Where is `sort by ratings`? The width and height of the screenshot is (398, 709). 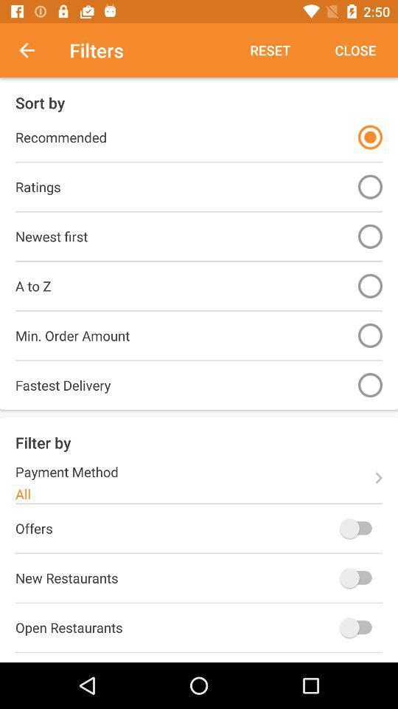 sort by ratings is located at coordinates (369, 186).